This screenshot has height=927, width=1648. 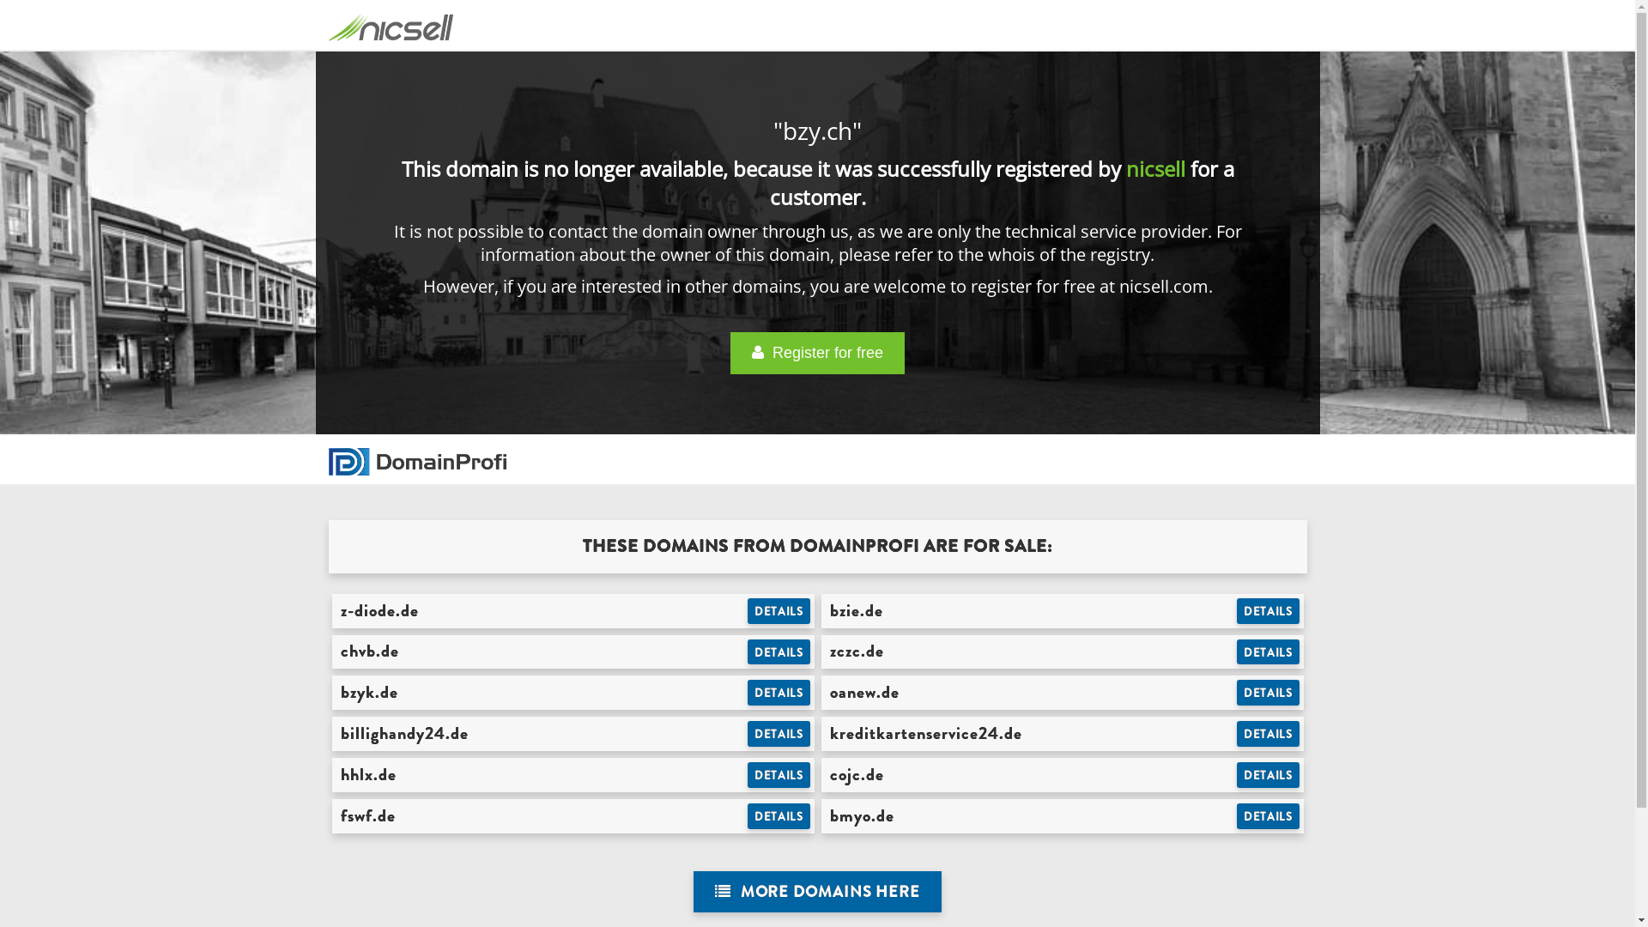 I want to click on 'DETAILS', so click(x=778, y=610).